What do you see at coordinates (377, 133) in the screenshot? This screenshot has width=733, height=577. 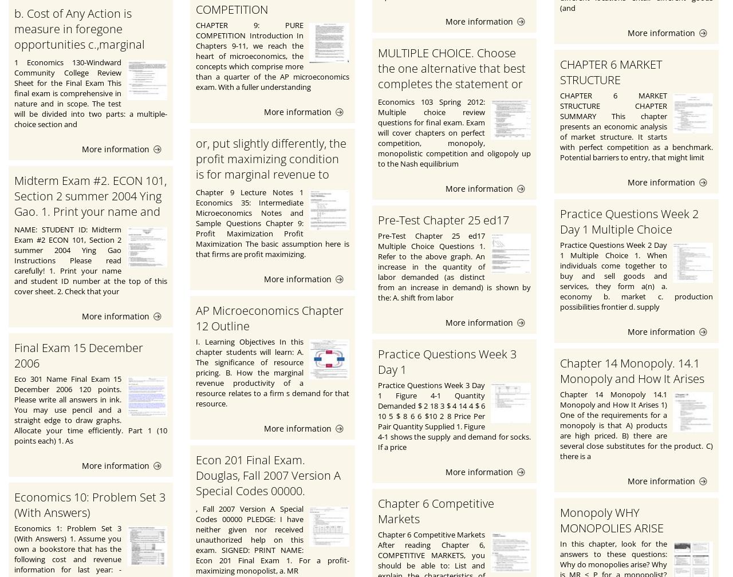 I see `'Economics 103 Spring 2012: Multiple choice review questions for final exam. Exam will cover chapters on perfect competition, monopoly, monopolistic competition and oligopoly up to the Nash equilibrium'` at bounding box center [377, 133].